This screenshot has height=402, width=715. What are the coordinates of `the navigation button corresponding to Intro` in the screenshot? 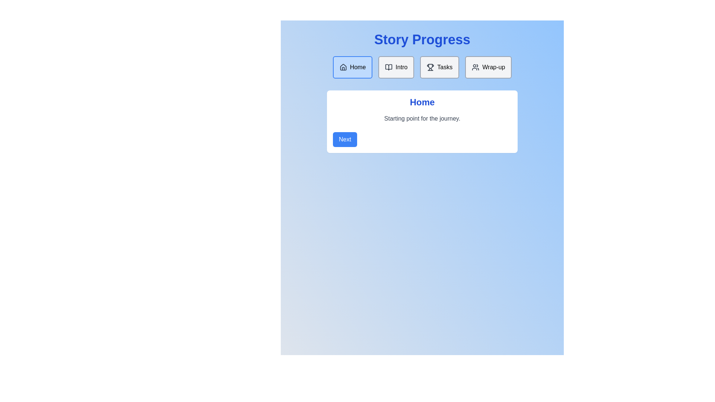 It's located at (396, 67).